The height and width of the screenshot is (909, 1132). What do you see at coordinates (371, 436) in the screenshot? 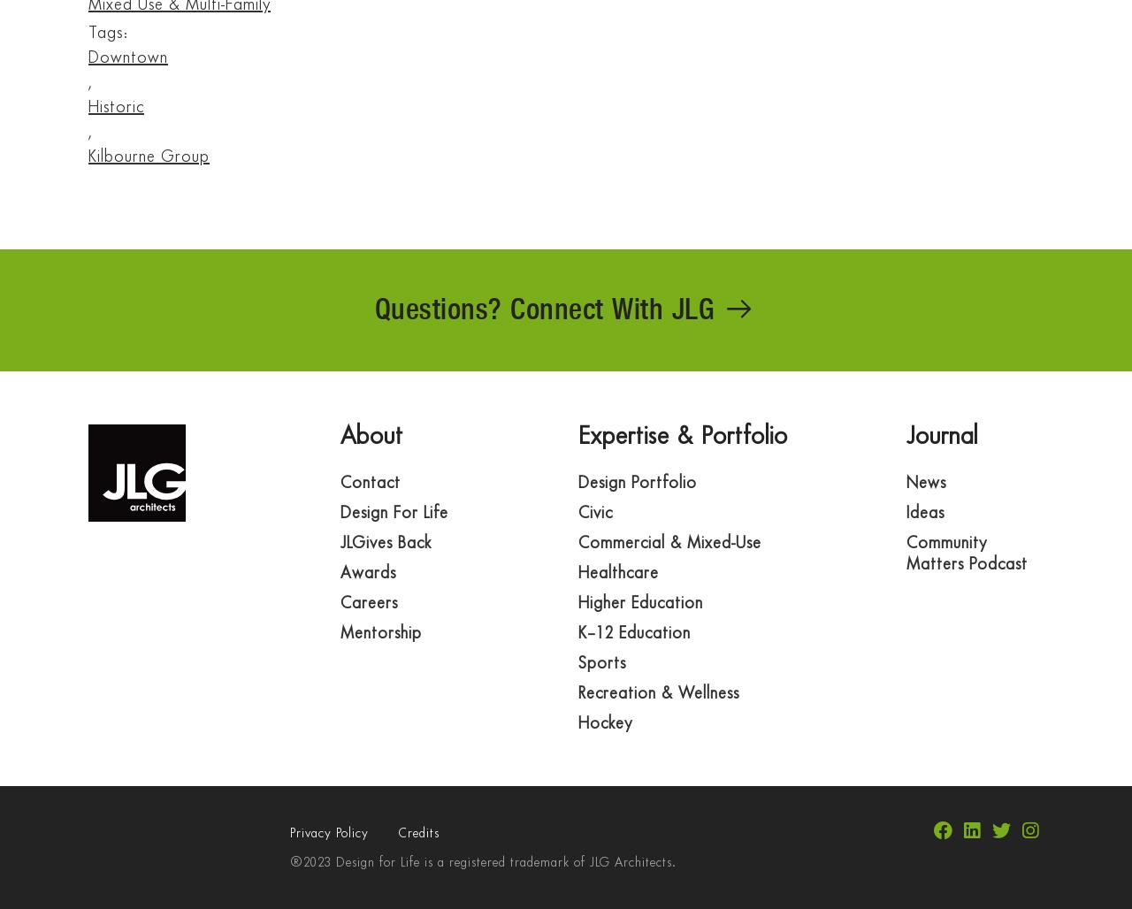
I see `'About'` at bounding box center [371, 436].